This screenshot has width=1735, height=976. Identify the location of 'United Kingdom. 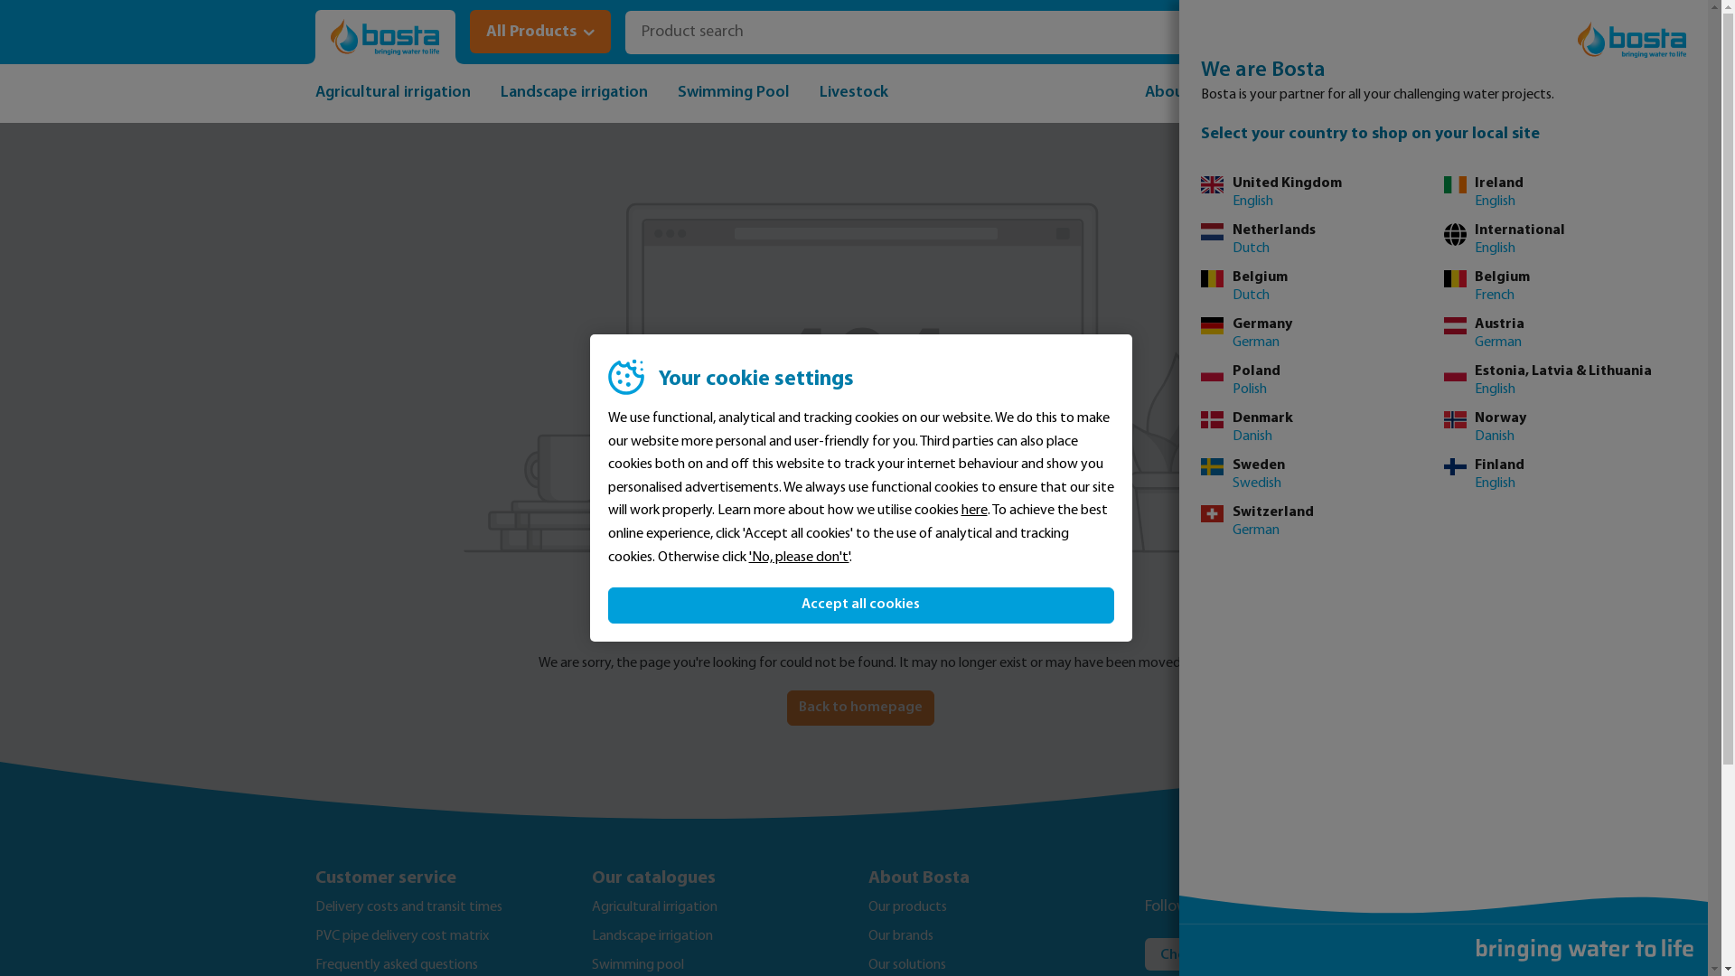
(1201, 192).